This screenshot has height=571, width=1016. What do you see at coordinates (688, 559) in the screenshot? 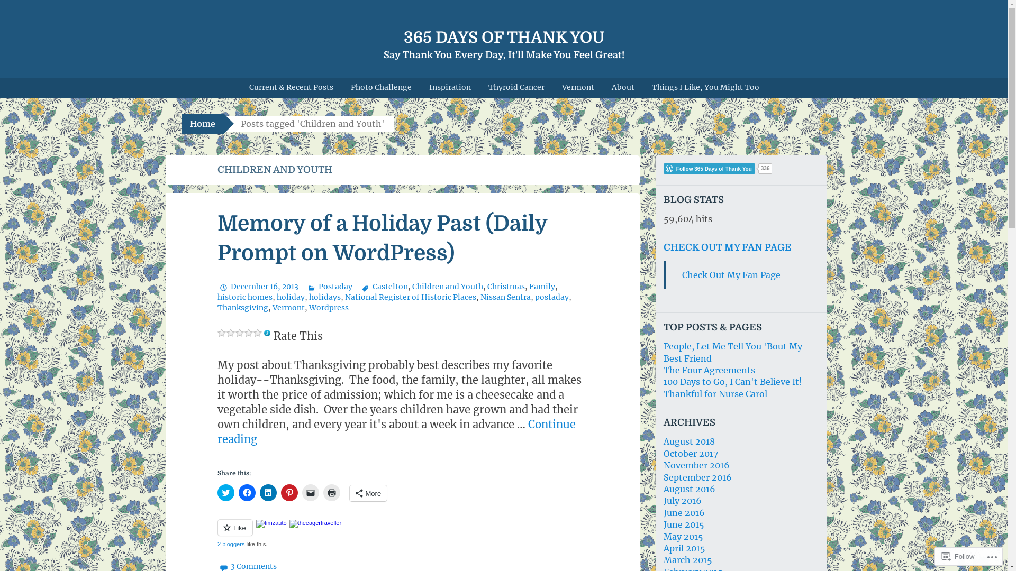
I see `'March 2015'` at bounding box center [688, 559].